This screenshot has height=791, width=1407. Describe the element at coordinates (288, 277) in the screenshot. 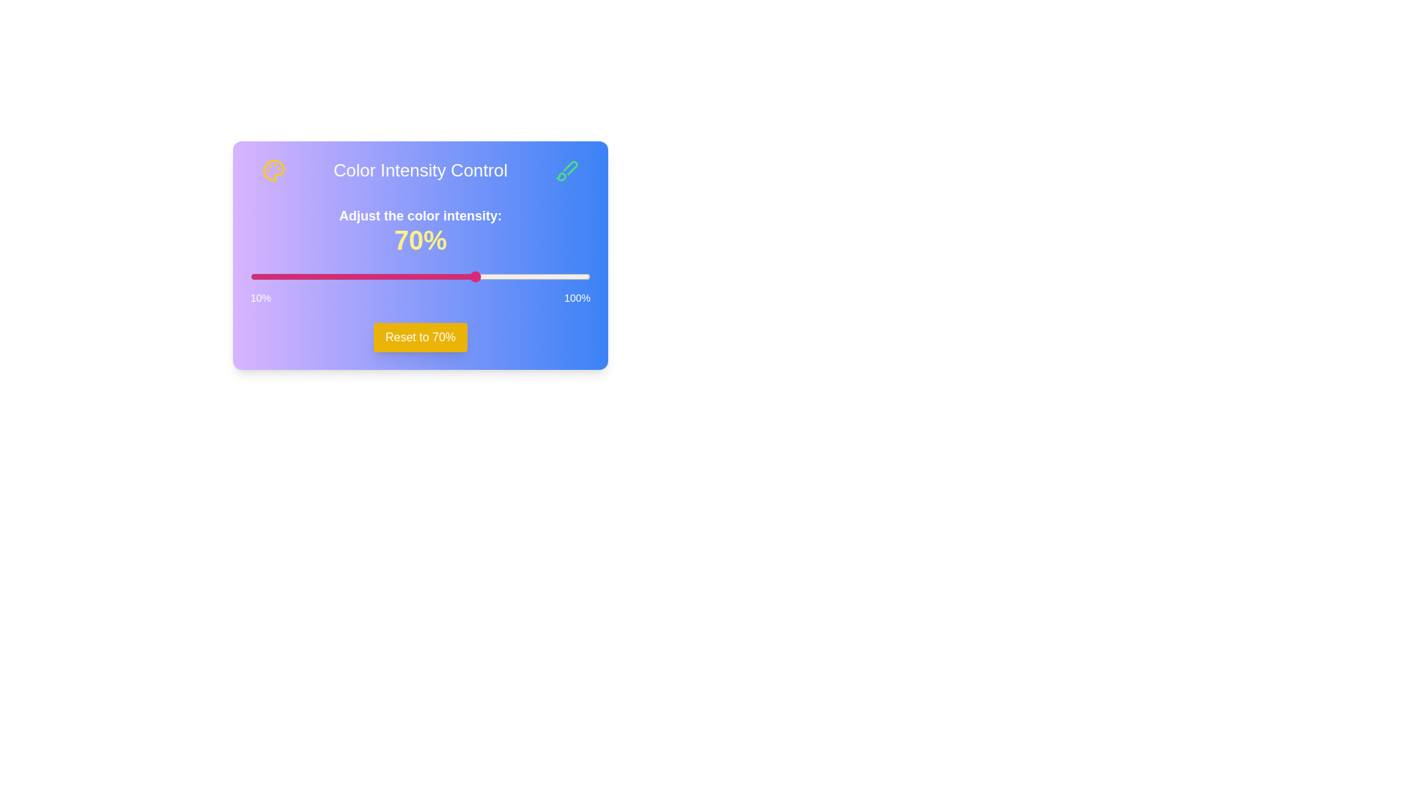

I see `the slider to set the intensity to 20%` at that location.